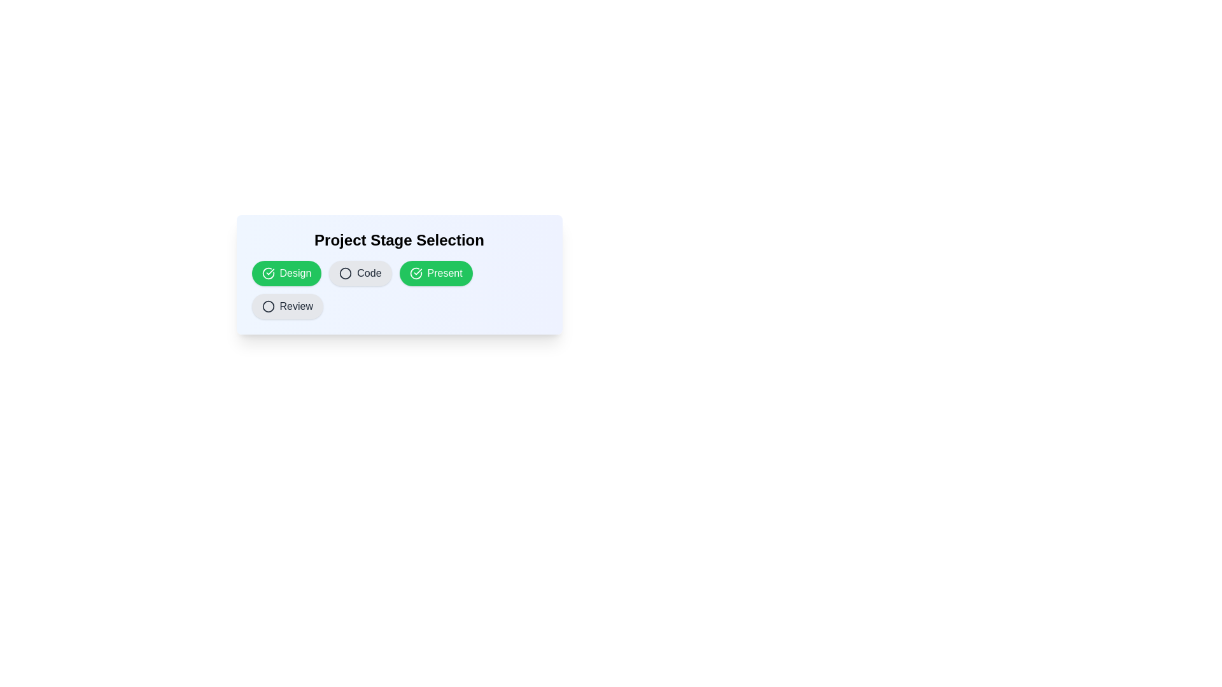  I want to click on the chip labeled Present, so click(436, 272).